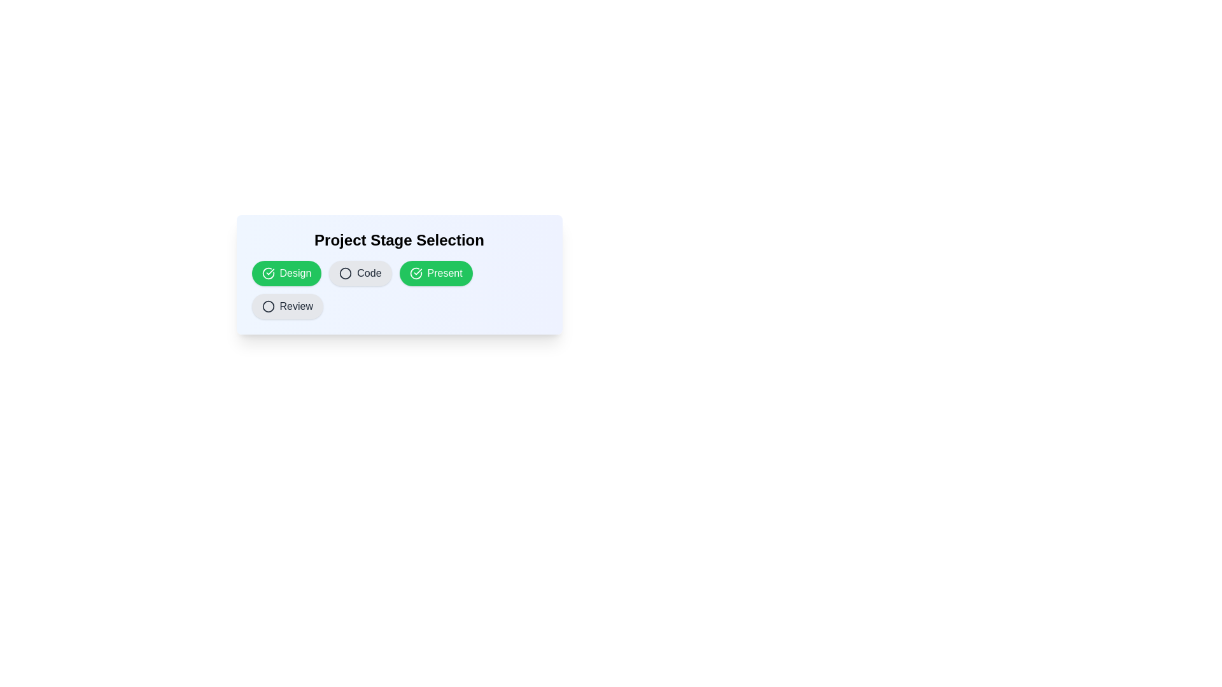  I want to click on the chip labeled Present, so click(436, 272).